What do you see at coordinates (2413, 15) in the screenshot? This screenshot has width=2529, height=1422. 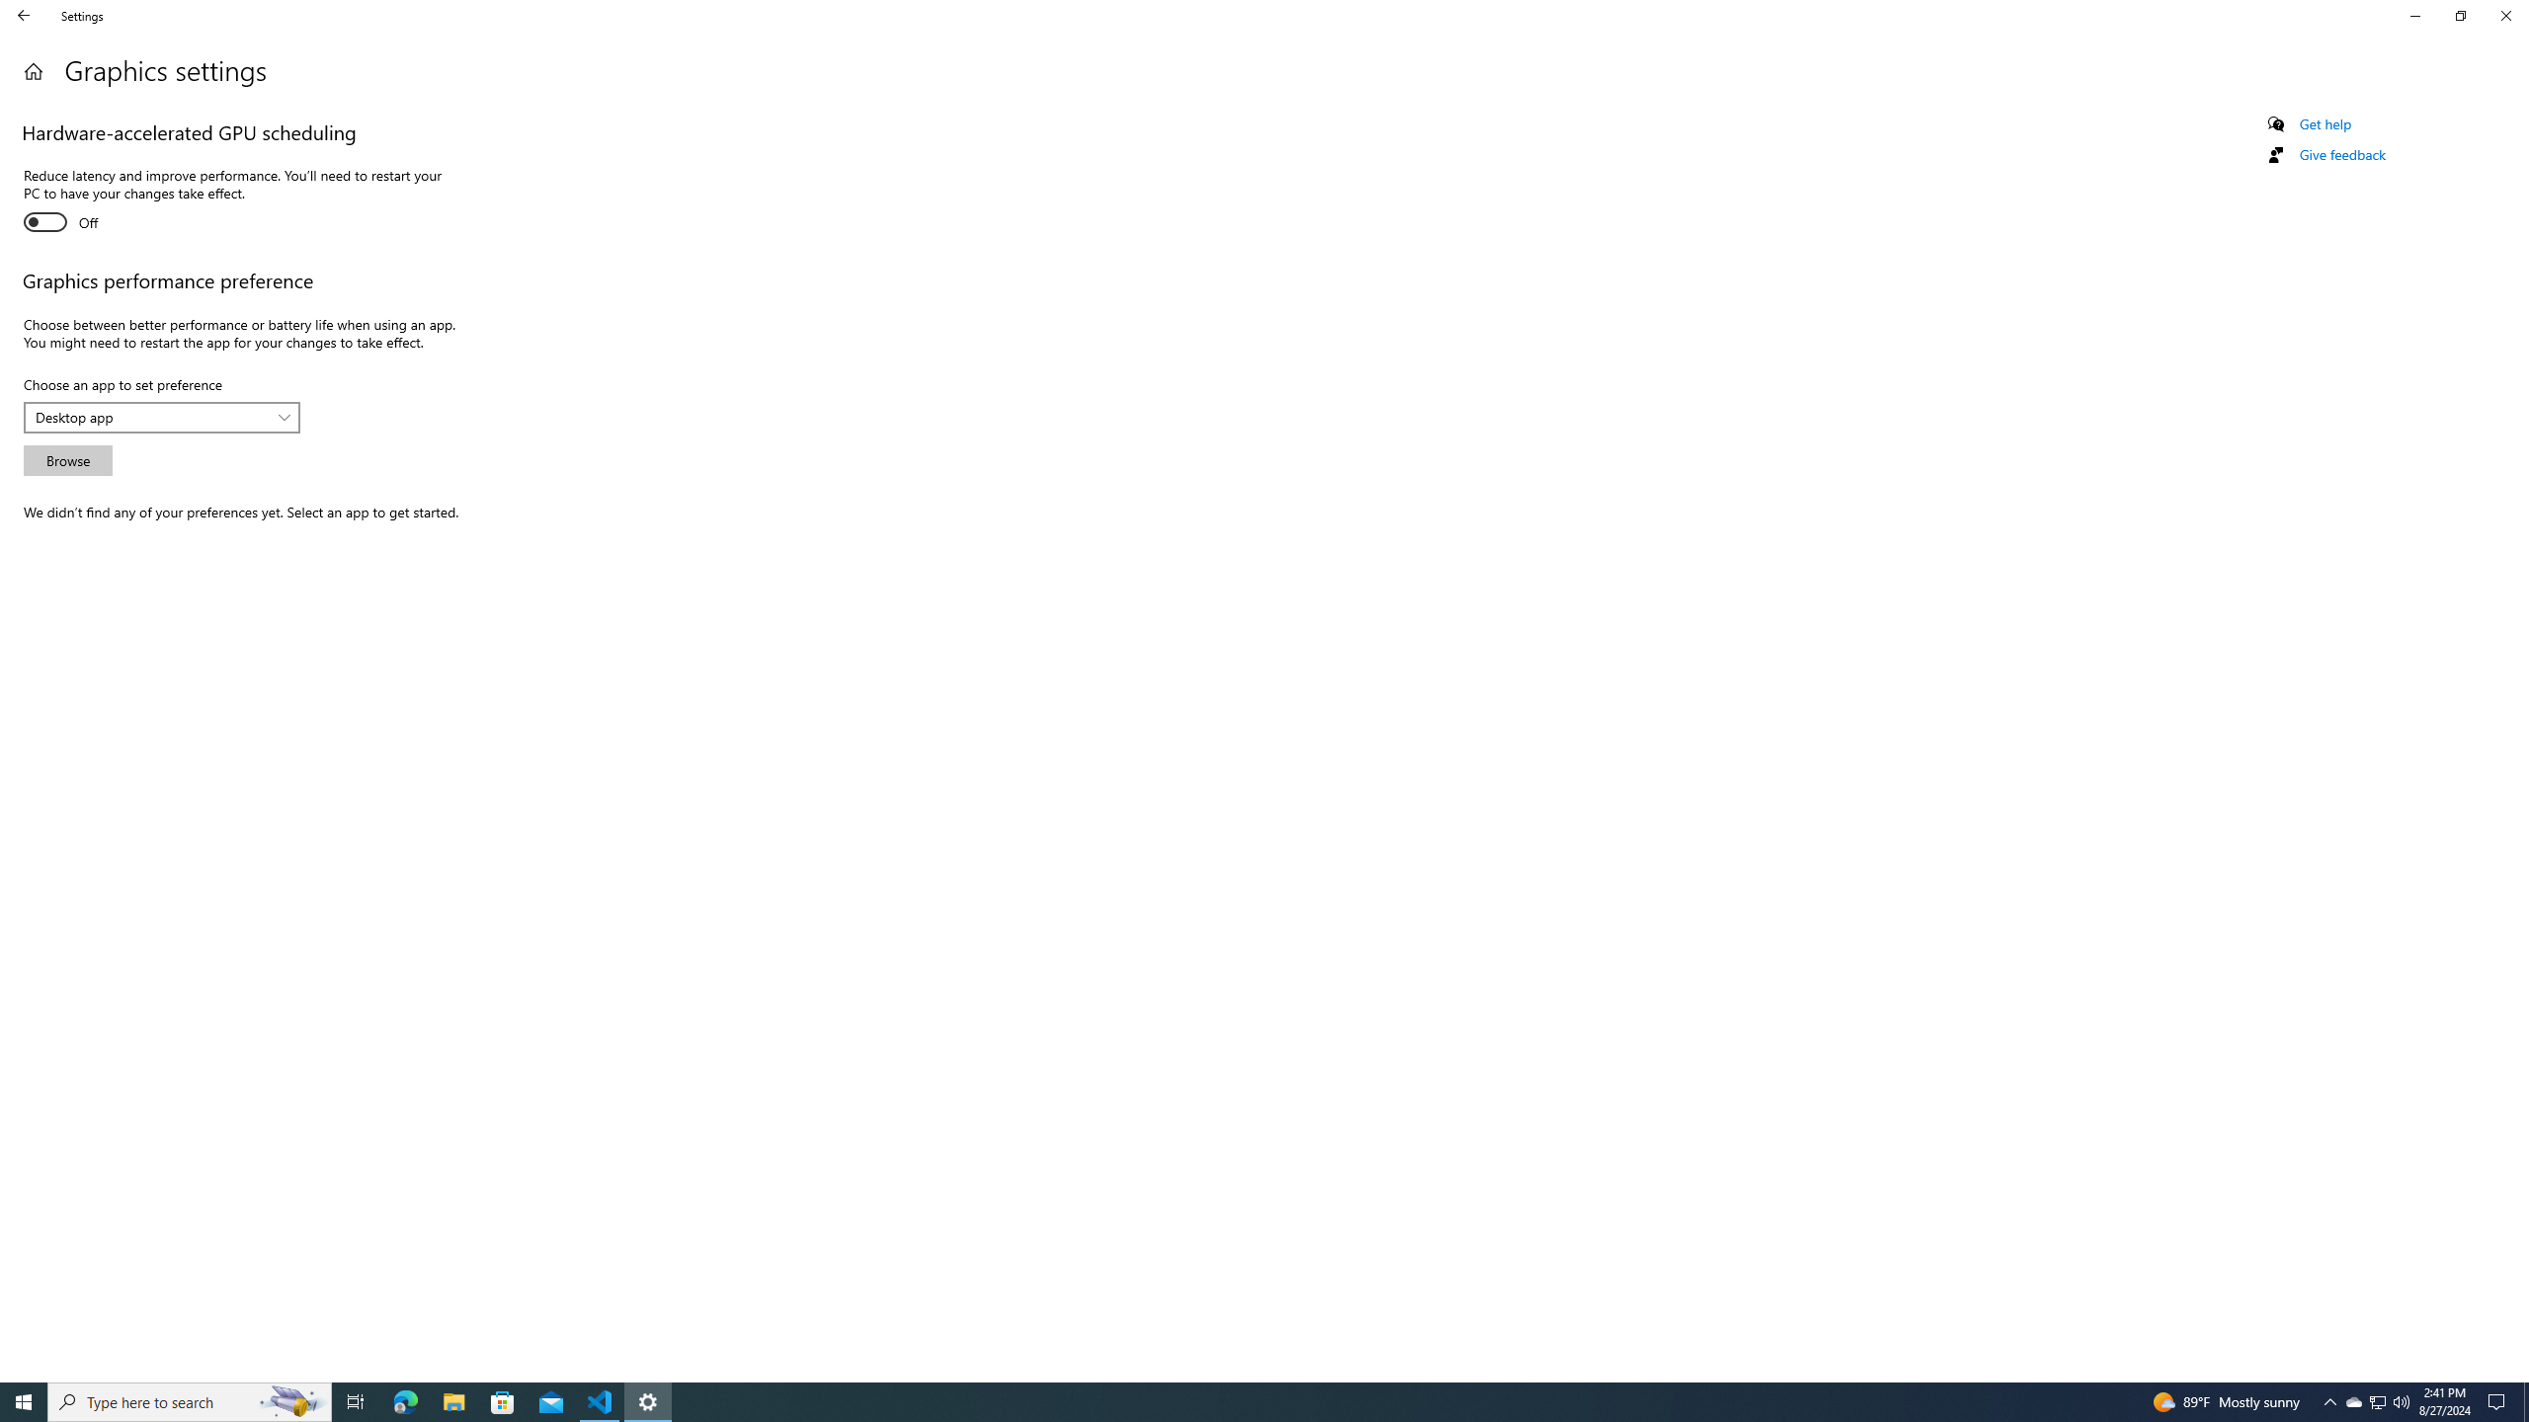 I see `'Minimize Settings'` at bounding box center [2413, 15].